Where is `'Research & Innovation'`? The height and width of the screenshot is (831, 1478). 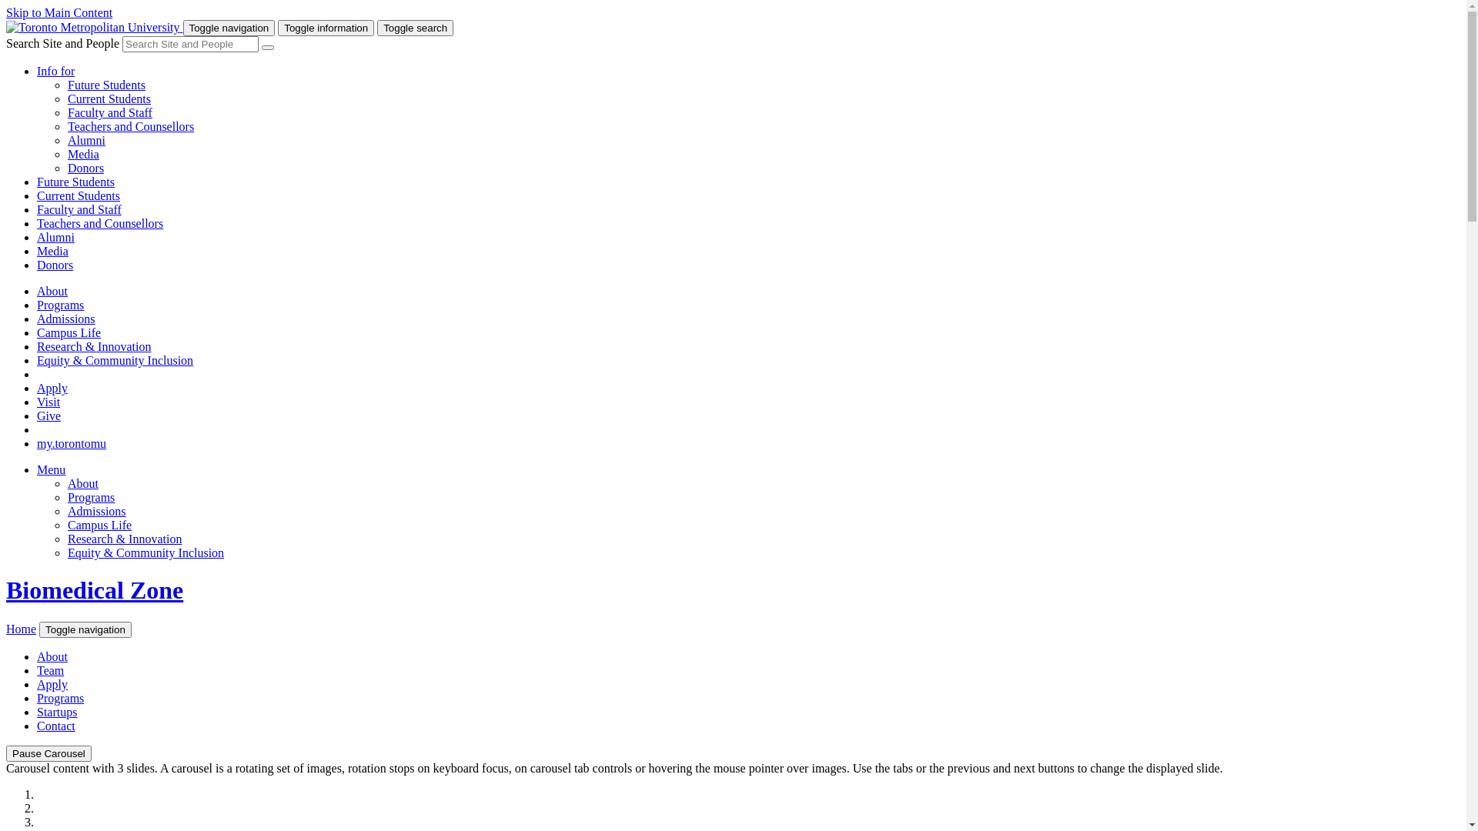 'Research & Innovation' is located at coordinates (125, 538).